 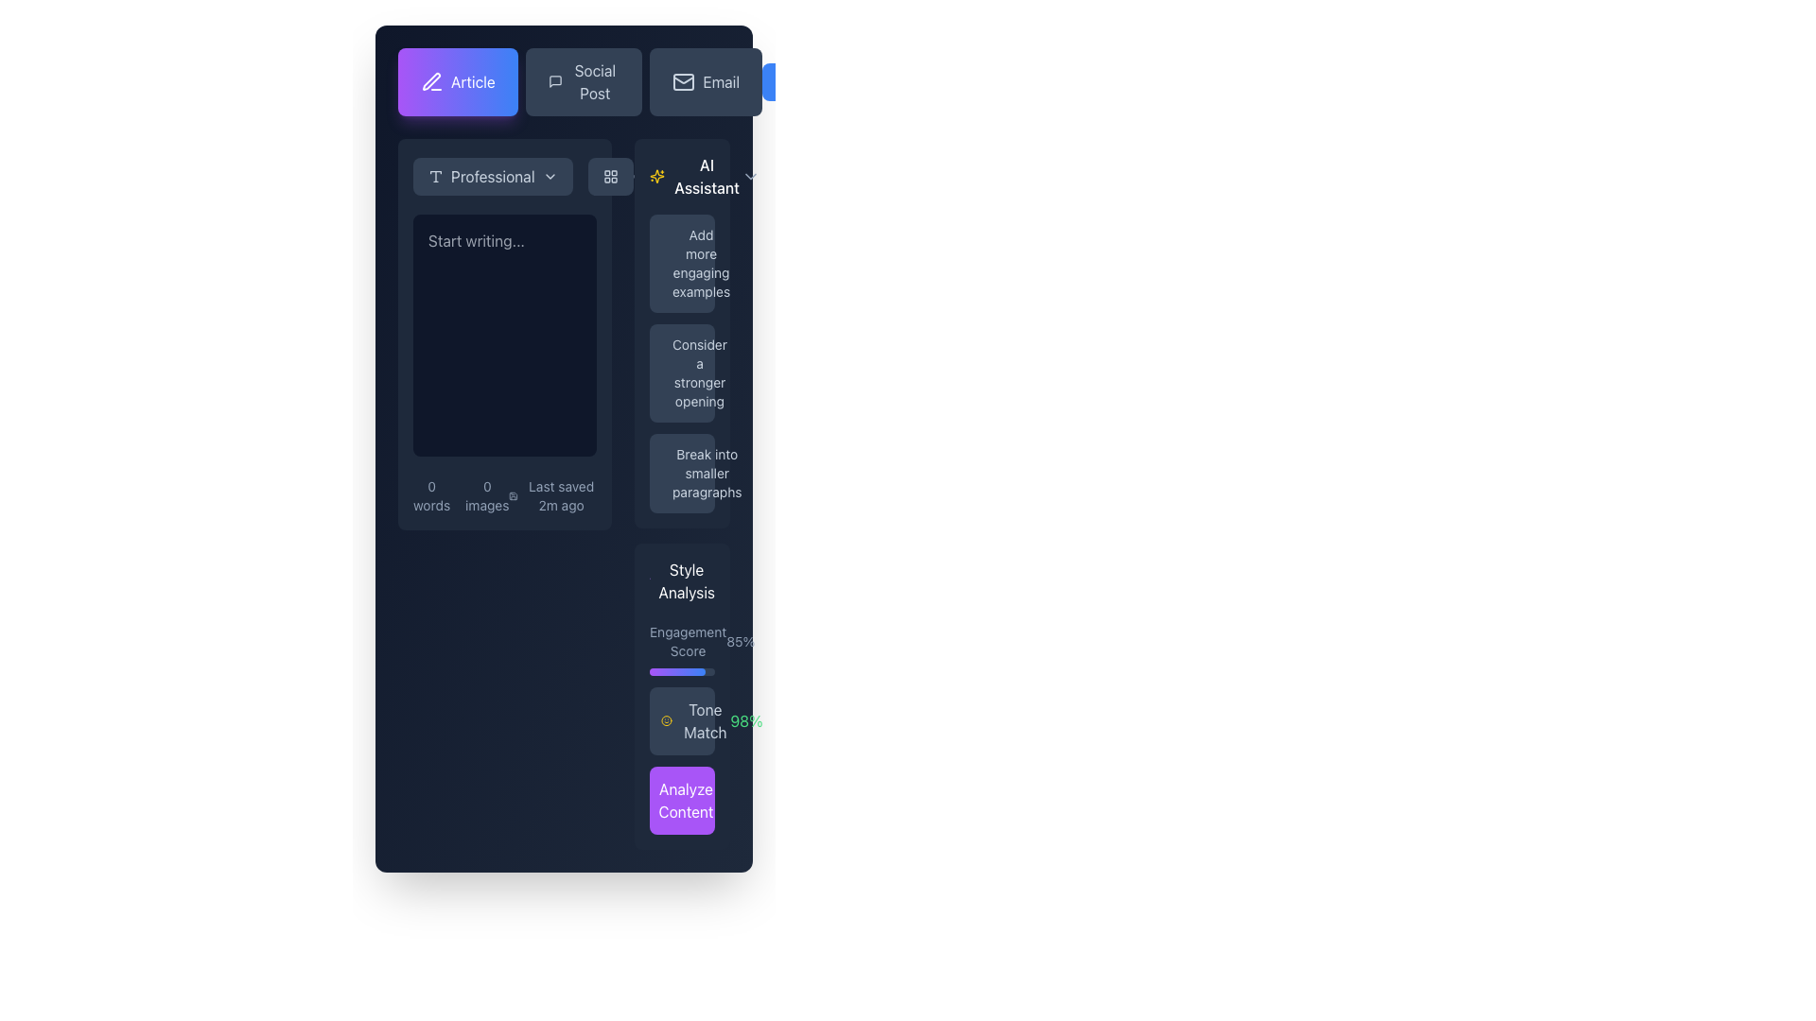 I want to click on status feedback from the text label indicating the time elapsed since the last save operation, located near the bottom-right section of the dark-themed panel, so click(x=560, y=494).